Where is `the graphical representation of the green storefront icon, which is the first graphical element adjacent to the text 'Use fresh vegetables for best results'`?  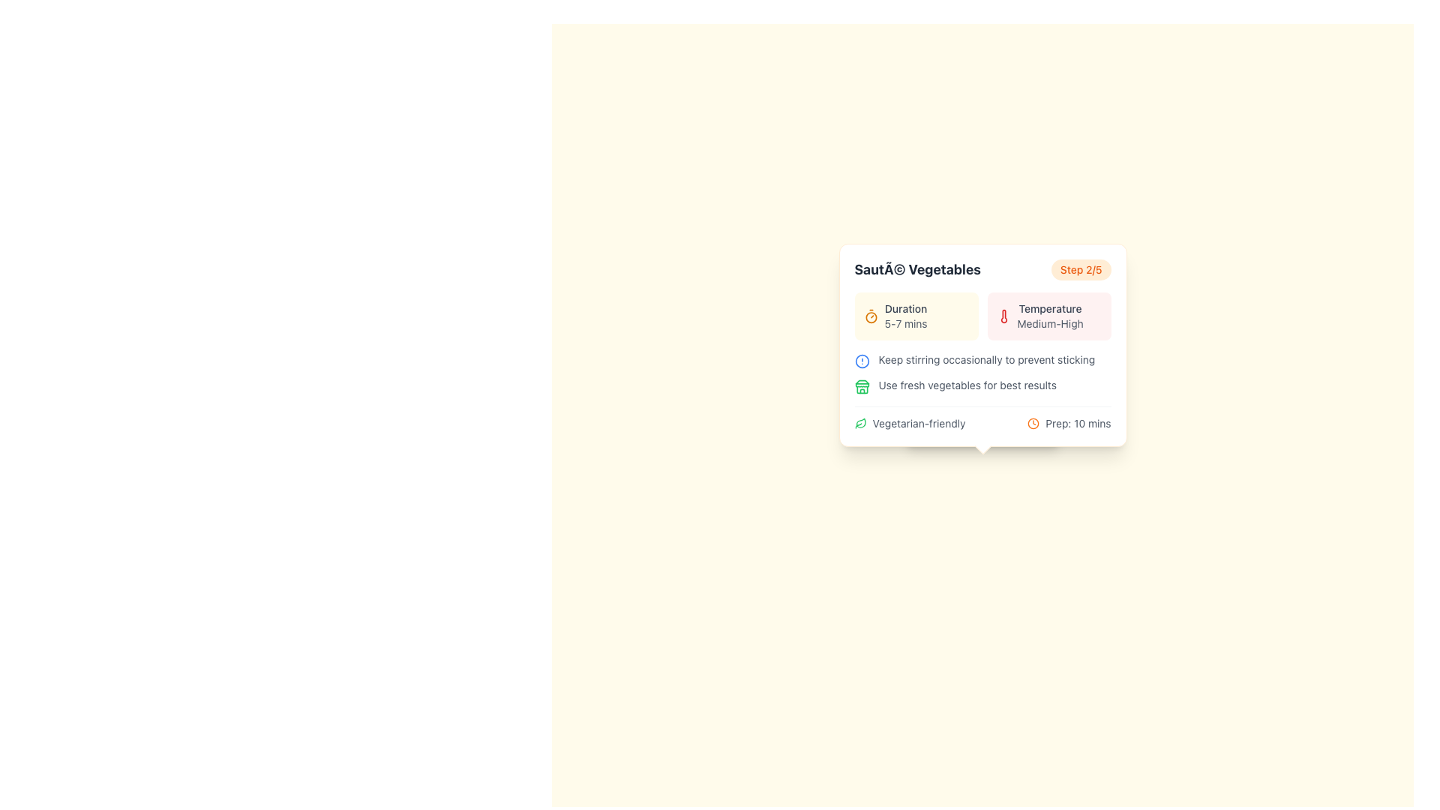 the graphical representation of the green storefront icon, which is the first graphical element adjacent to the text 'Use fresh vegetables for best results' is located at coordinates (862, 386).